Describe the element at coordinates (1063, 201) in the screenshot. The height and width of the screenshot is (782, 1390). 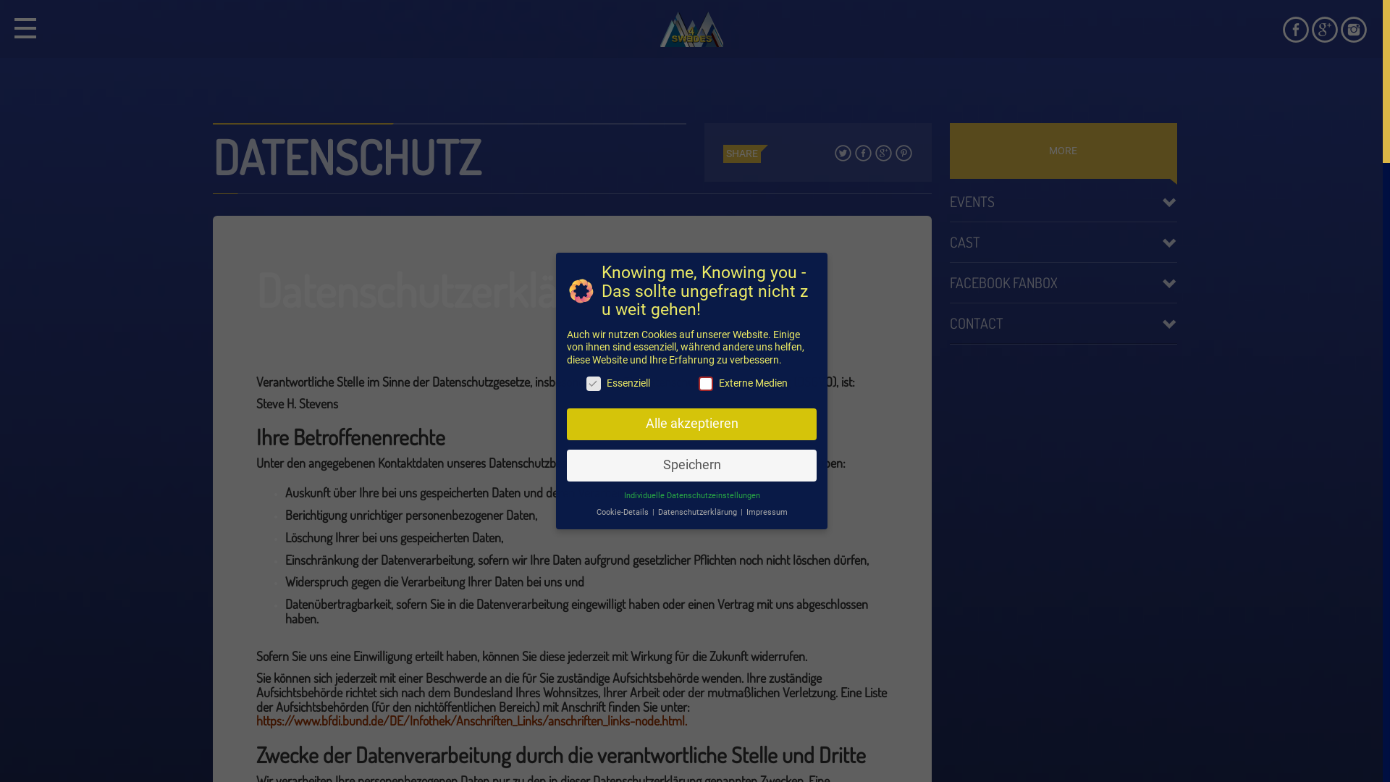
I see `'EVENTS'` at that location.